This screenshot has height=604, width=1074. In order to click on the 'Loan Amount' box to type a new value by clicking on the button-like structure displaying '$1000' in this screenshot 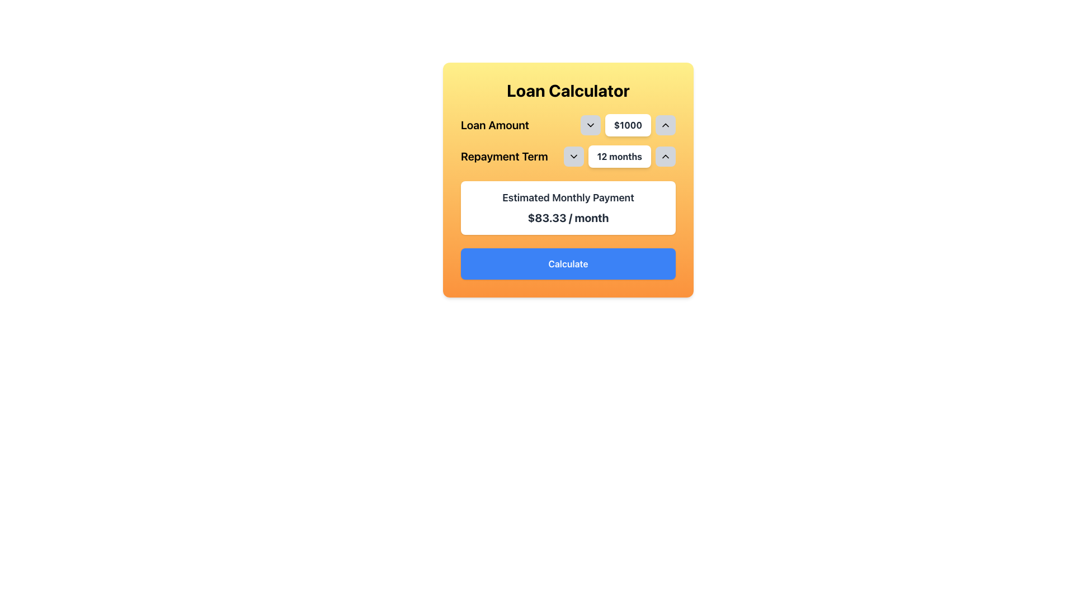, I will do `click(568, 125)`.